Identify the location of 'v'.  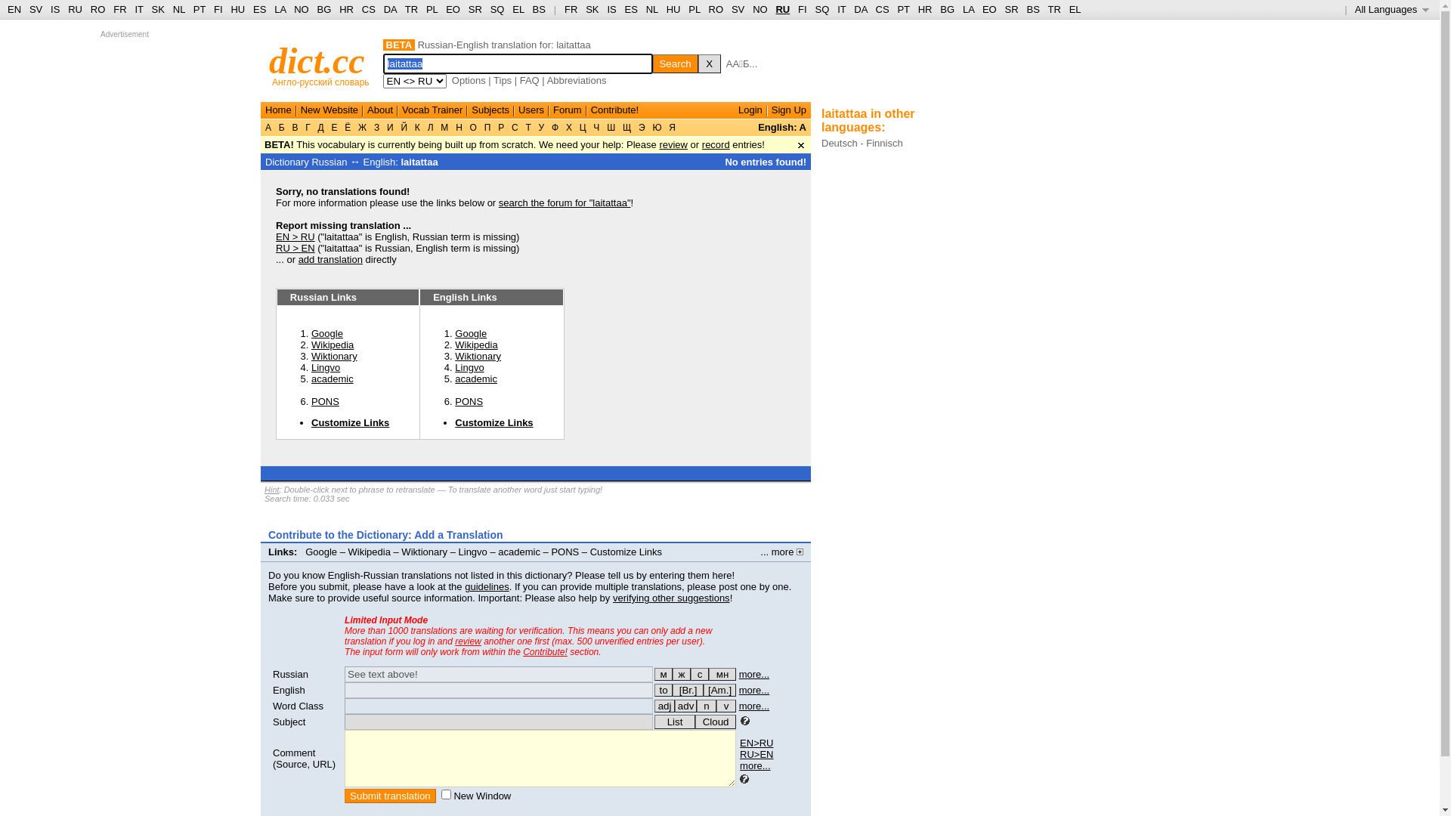
(725, 706).